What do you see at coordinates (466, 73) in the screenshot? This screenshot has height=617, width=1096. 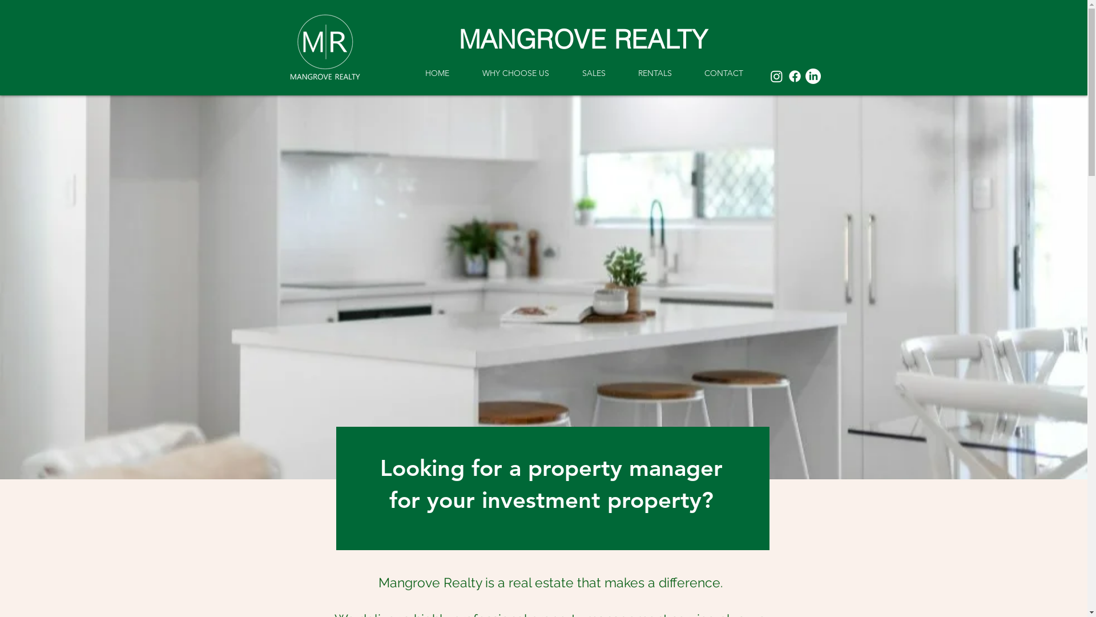 I see `'WHY CHOOSE US'` at bounding box center [466, 73].